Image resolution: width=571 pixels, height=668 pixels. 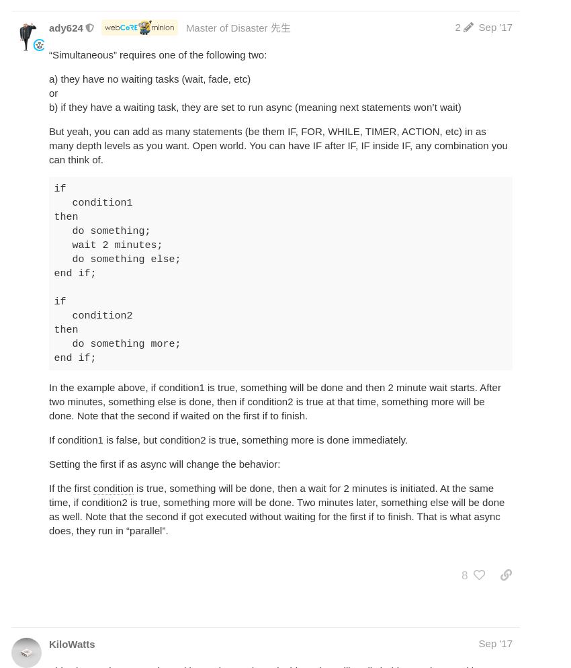 I want to click on 'In the example above, if condition1 is true, something will be done and then 2 minute wait starts. After two minutes, something else is done, then if condition2 is true at that time, something more will be done. Note that the second if waited on the first if to finish.', so click(x=275, y=401).